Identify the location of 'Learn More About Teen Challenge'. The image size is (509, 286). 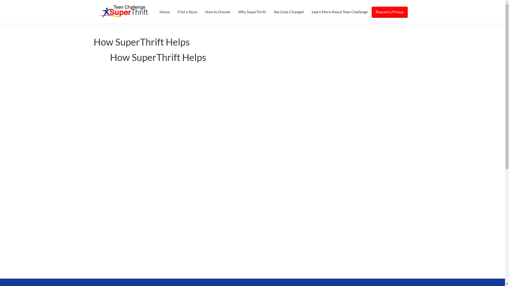
(339, 12).